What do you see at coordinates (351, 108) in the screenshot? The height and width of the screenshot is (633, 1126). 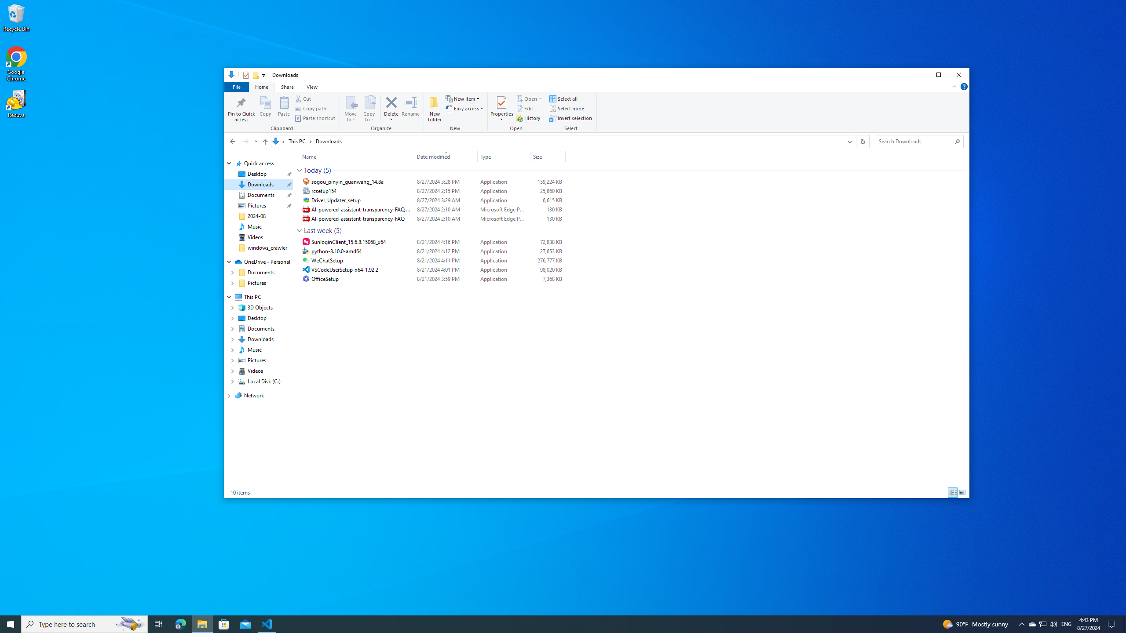 I see `'Move to'` at bounding box center [351, 108].